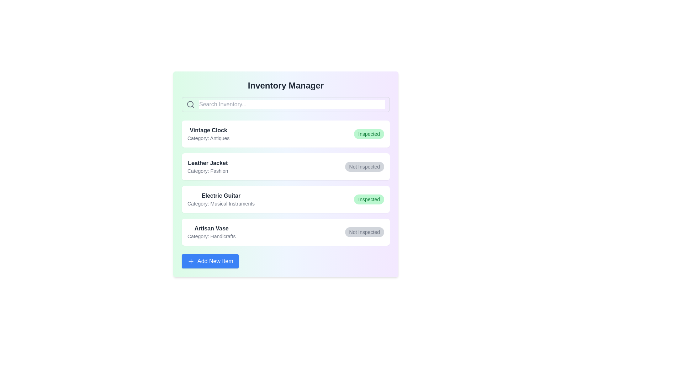 This screenshot has width=683, height=384. What do you see at coordinates (369, 199) in the screenshot?
I see `the status button of the item labeled 'Electric Guitar'` at bounding box center [369, 199].